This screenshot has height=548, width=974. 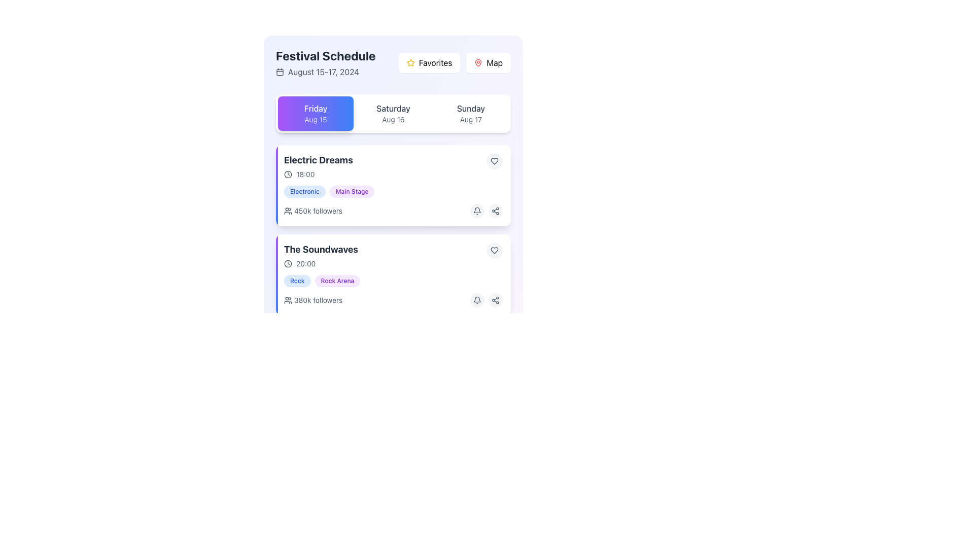 What do you see at coordinates (312, 211) in the screenshot?
I see `the '450k followers' text label with icon located under the 'Electric Dreams' card, which displays the number of followers in gray text and is positioned above the subscription and sharing icons` at bounding box center [312, 211].